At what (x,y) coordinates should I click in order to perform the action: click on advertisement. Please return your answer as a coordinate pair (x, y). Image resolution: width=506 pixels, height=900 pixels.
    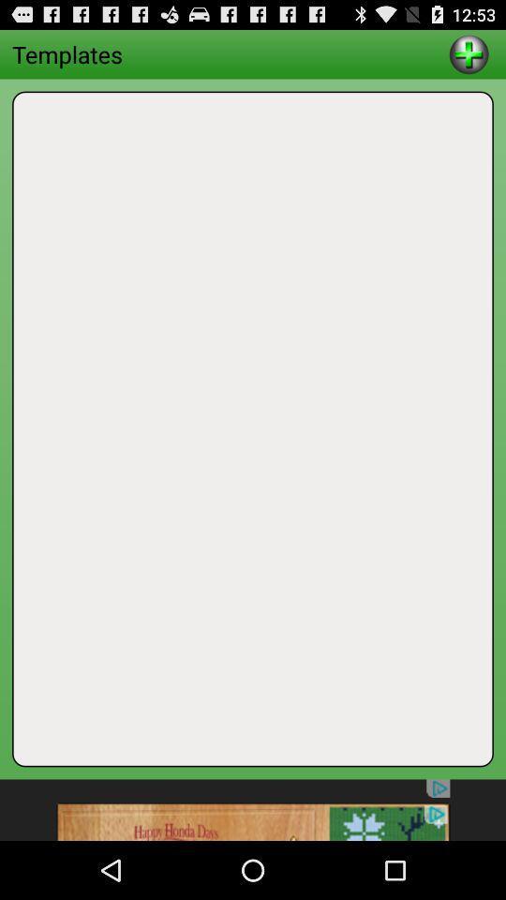
    Looking at the image, I should click on (253, 809).